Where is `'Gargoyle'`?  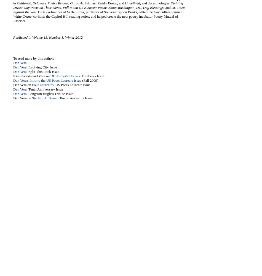
'Gargoyle' is located at coordinates (76, 3).